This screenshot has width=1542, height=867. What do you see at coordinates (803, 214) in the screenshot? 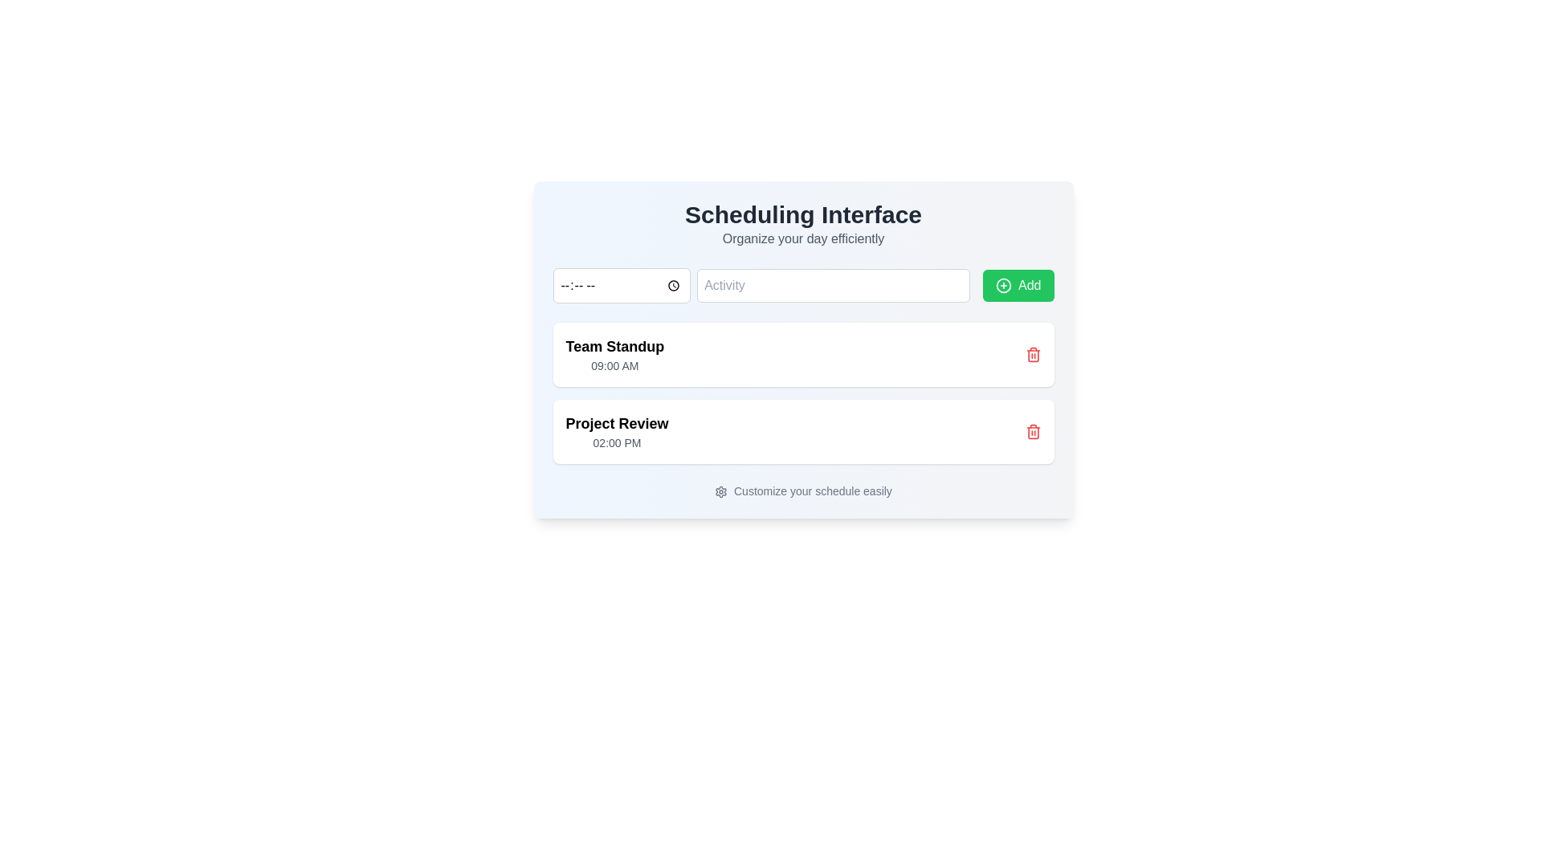
I see `heading 'Scheduling Interface', which is a large, bold, dark gray text located at the top center of the interface` at bounding box center [803, 214].